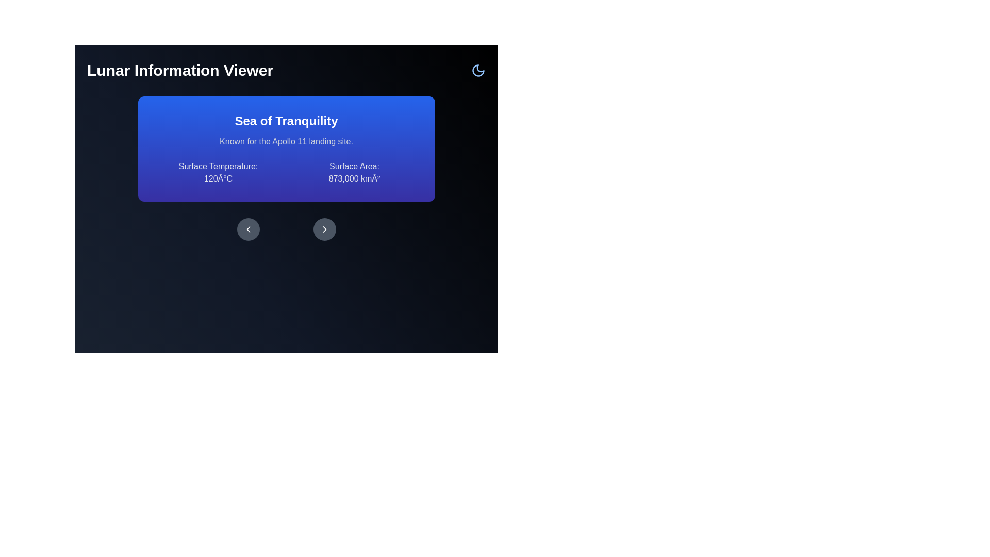 The image size is (990, 557). Describe the element at coordinates (324, 228) in the screenshot. I see `the circular button with a gray background and a white right-pointing chevron icon located at the bottom right of the blue panel` at that location.